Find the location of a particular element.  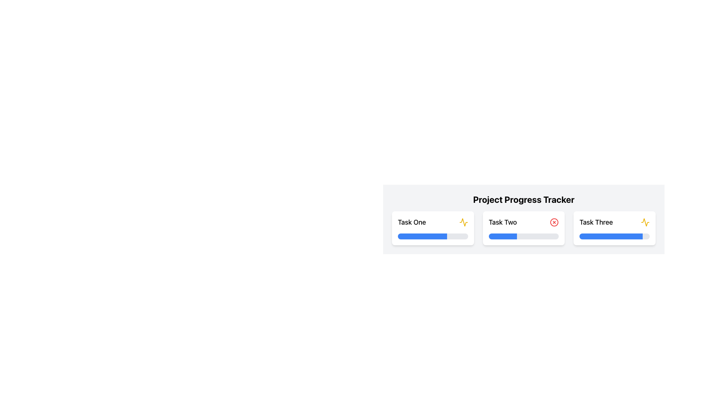

the red circular icon with a cross inside, located within the 'Task Two' card under the 'Project Progress Tracker' section is located at coordinates (554, 222).